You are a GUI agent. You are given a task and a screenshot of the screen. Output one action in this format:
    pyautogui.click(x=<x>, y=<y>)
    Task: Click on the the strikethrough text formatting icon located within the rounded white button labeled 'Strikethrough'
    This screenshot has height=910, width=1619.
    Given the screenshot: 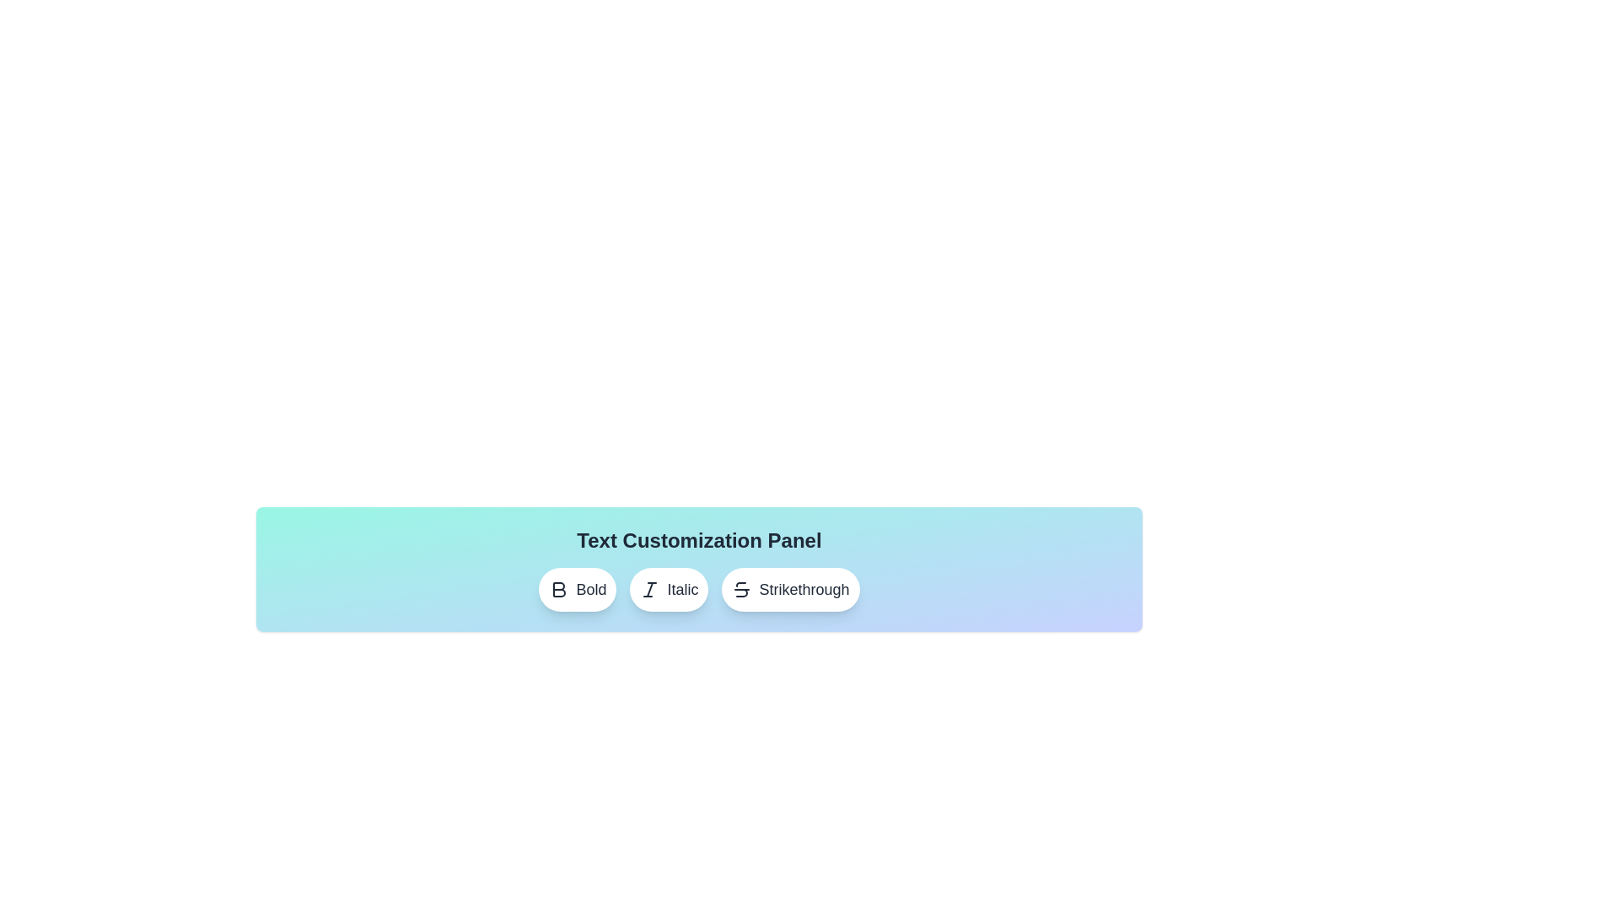 What is the action you would take?
    pyautogui.click(x=742, y=588)
    